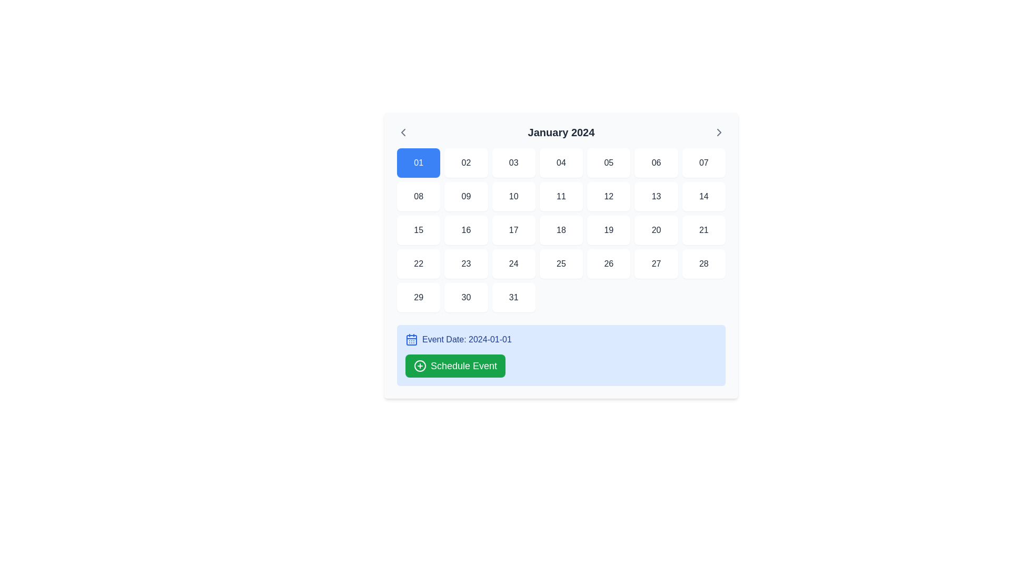 This screenshot has width=1011, height=568. What do you see at coordinates (609, 263) in the screenshot?
I see `the rectangular button displaying the number '26' to observe potential hover effects` at bounding box center [609, 263].